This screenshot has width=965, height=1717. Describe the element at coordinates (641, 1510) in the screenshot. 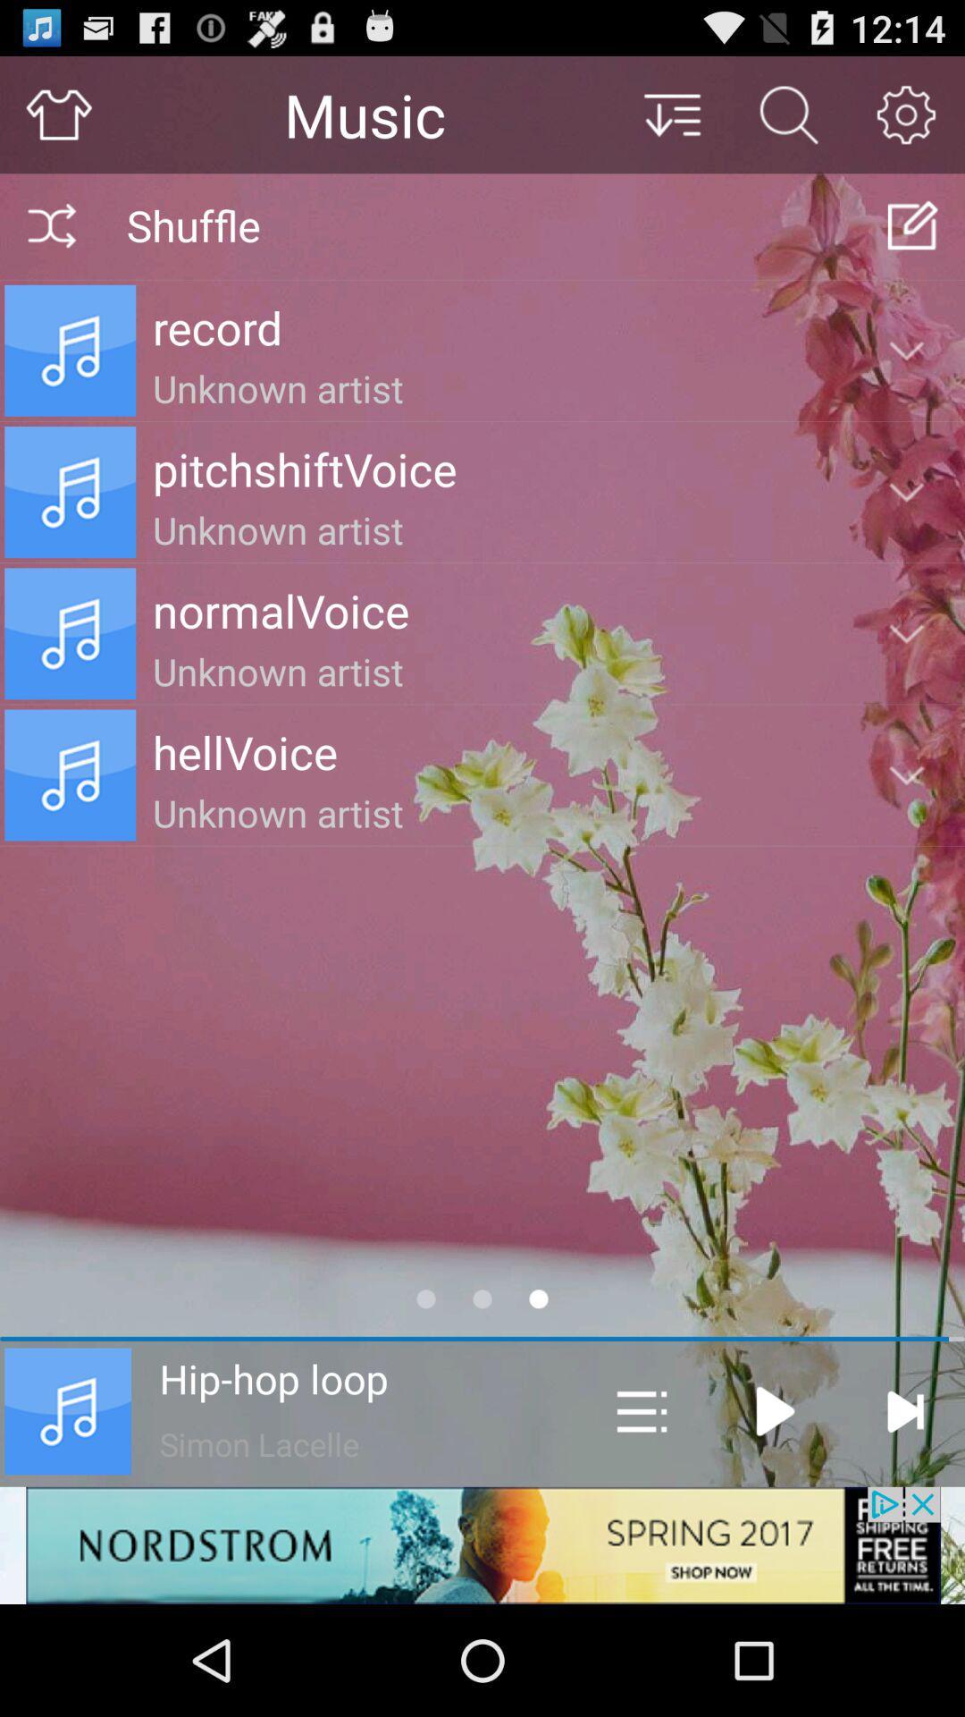

I see `the sliders icon` at that location.